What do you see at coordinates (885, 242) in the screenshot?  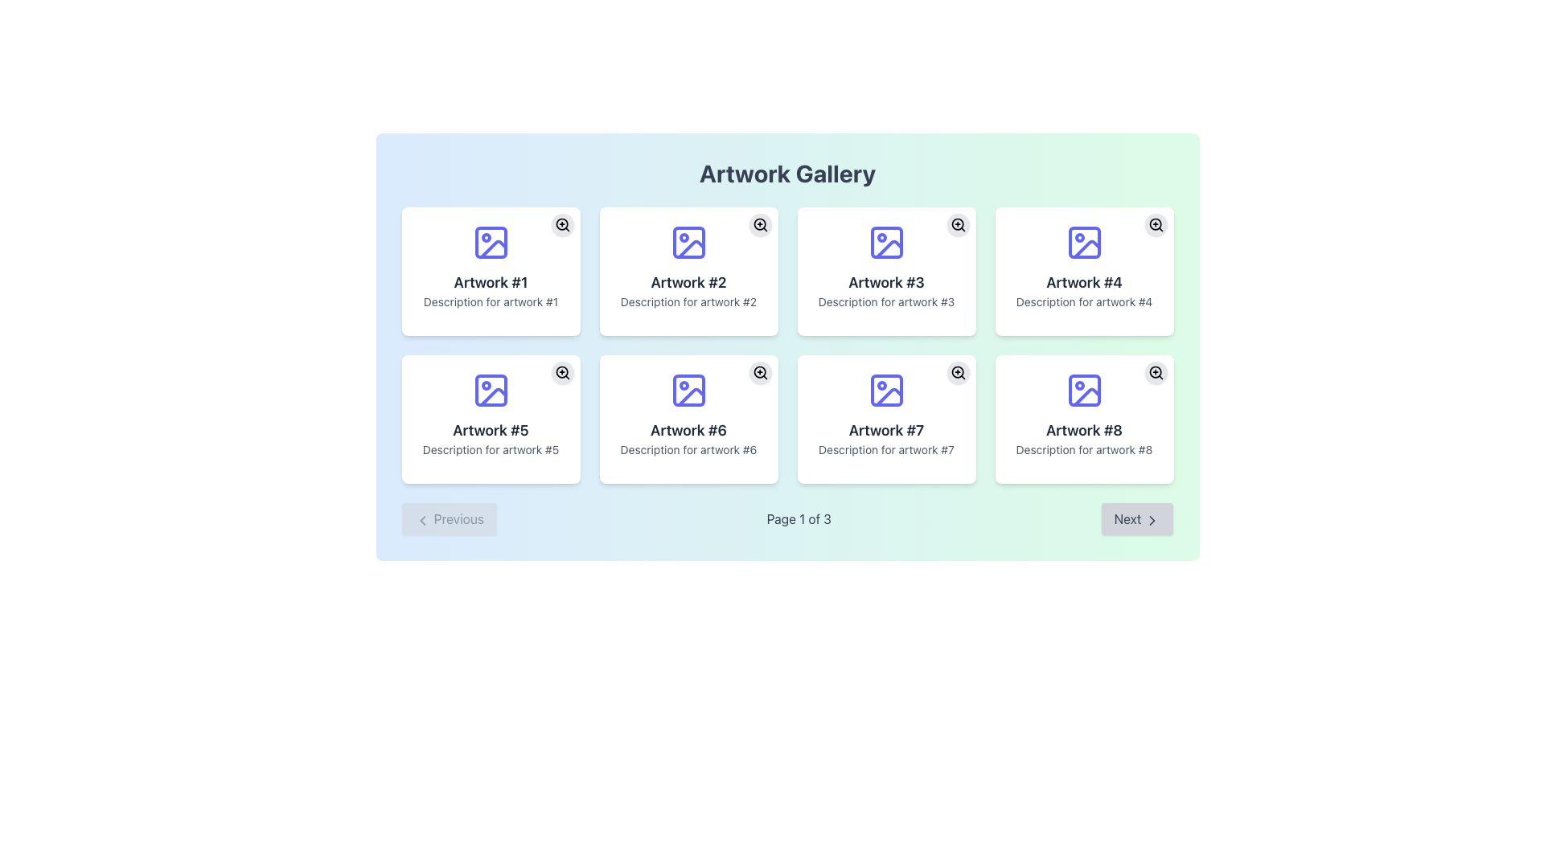 I see `the SVG graphical shape element, which is a rectangle with rounded corners located in the third tile from the left in the first row of the artwork gallery grid layout` at bounding box center [885, 242].